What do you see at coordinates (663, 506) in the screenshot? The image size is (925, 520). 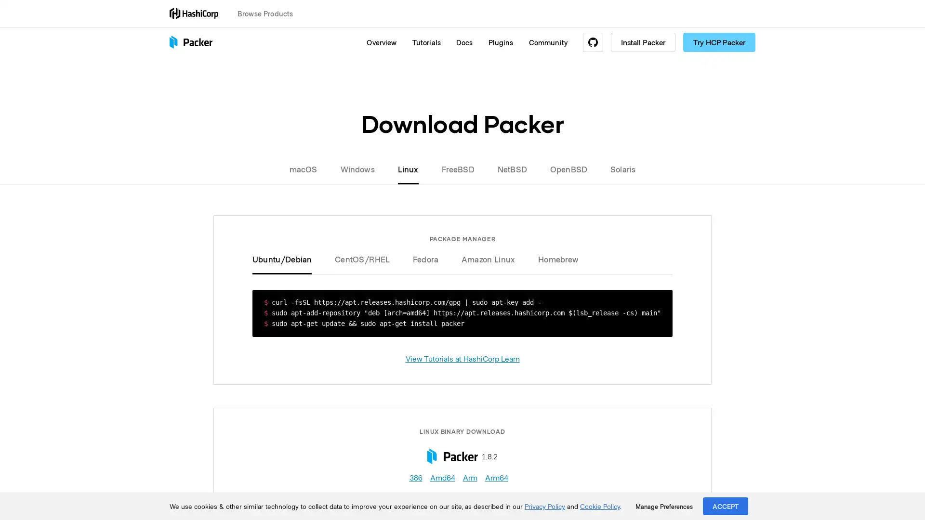 I see `Manage Preferences` at bounding box center [663, 506].